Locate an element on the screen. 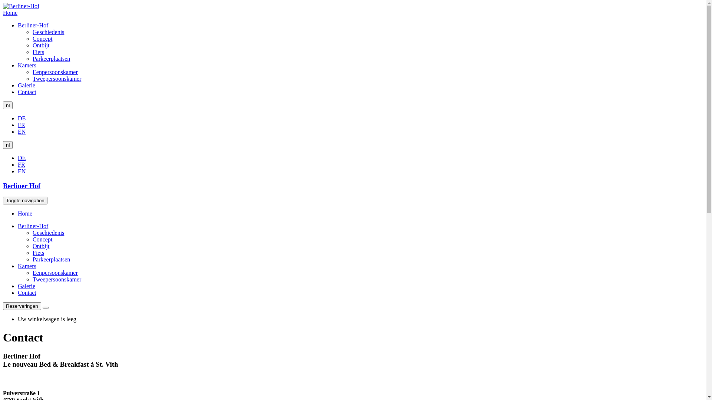 Image resolution: width=712 pixels, height=400 pixels. 'Contact' is located at coordinates (18, 292).